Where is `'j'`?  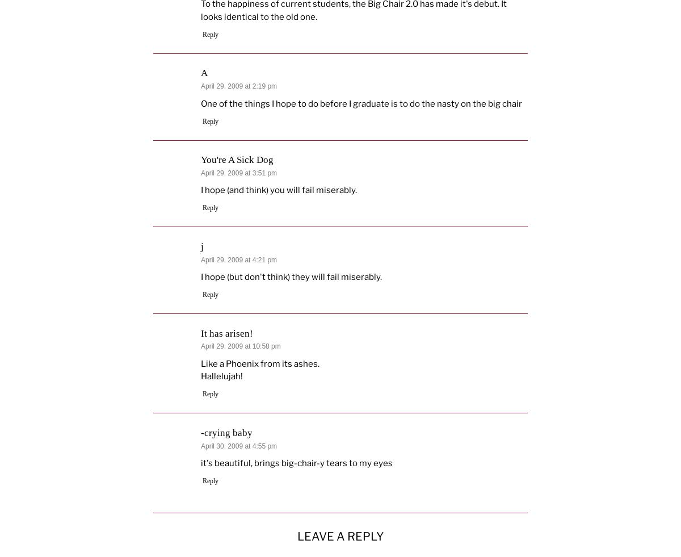
'j' is located at coordinates (202, 245).